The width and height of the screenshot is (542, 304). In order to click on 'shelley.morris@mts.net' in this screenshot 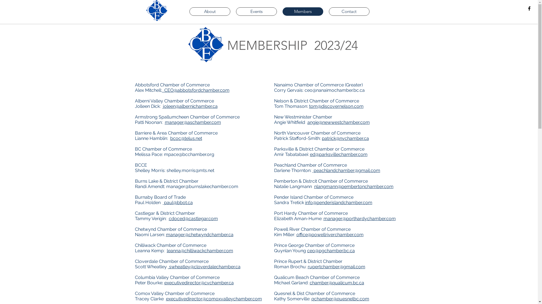, I will do `click(190, 170)`.